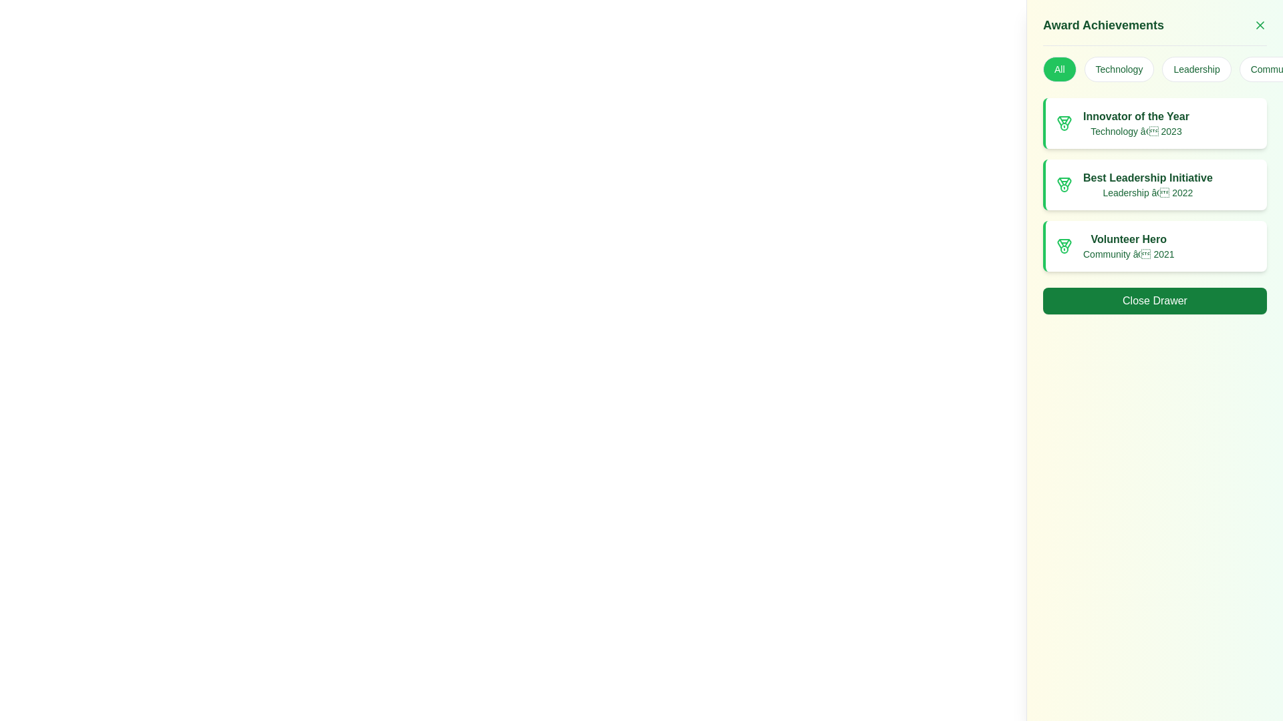  What do you see at coordinates (1135, 115) in the screenshot?
I see `the title text label of the specific award card within the 'Award Achievements' list, which is positioned above the text 'Technology – 2023'` at bounding box center [1135, 115].